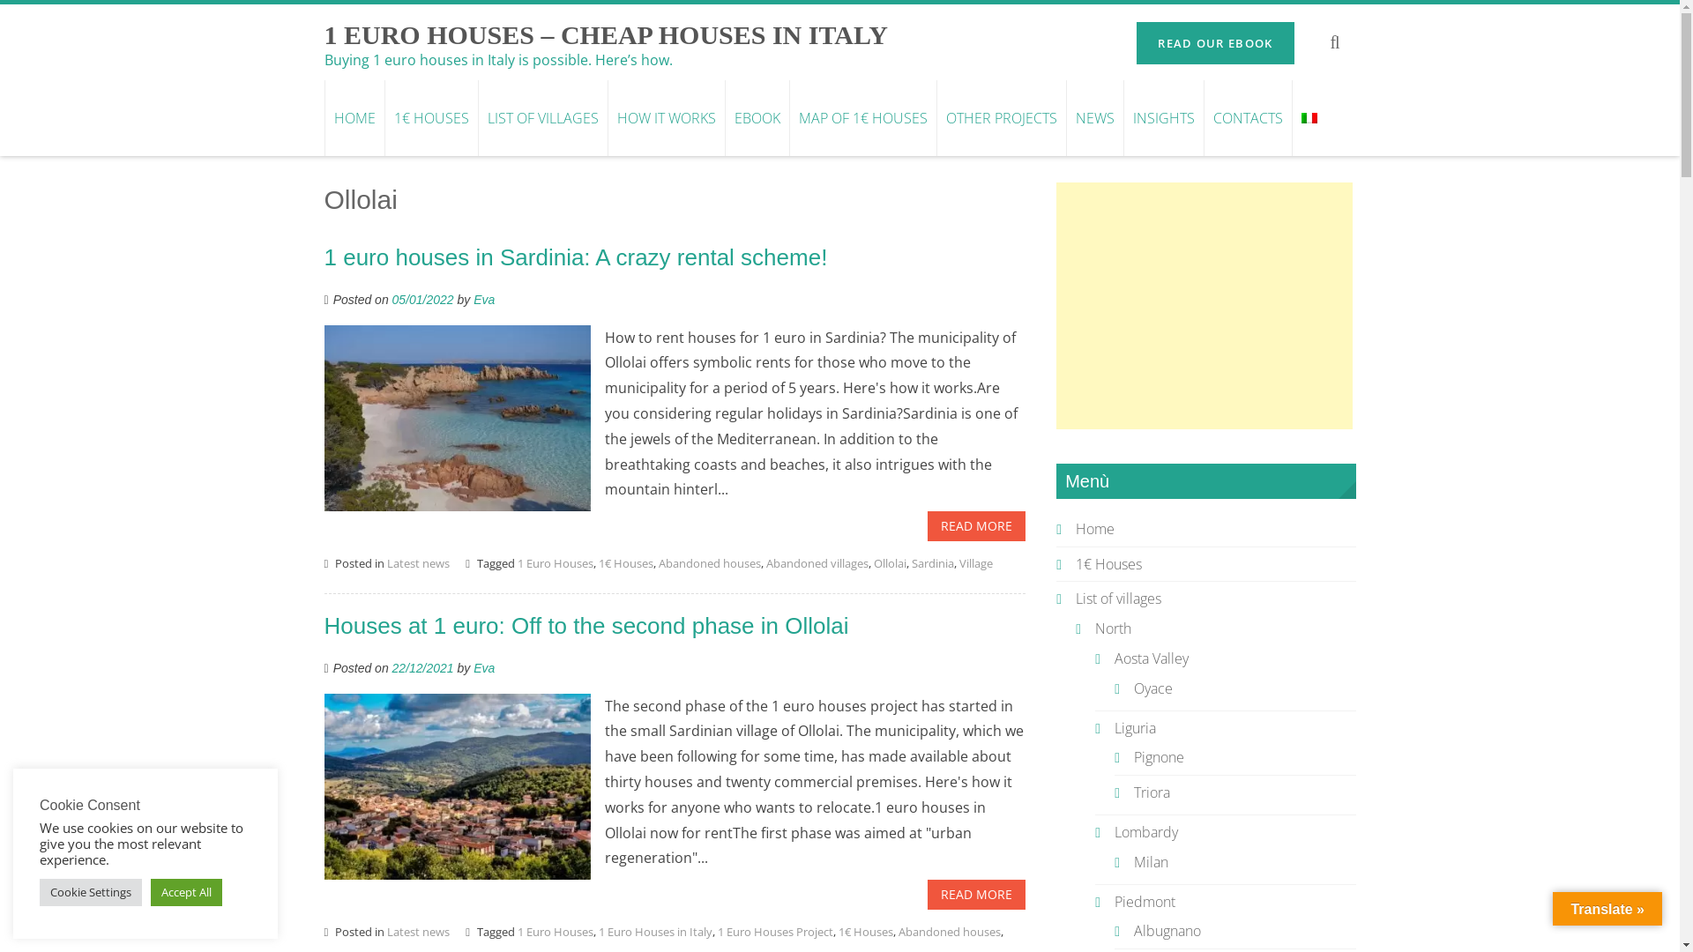  What do you see at coordinates (1151, 861) in the screenshot?
I see `'Milan'` at bounding box center [1151, 861].